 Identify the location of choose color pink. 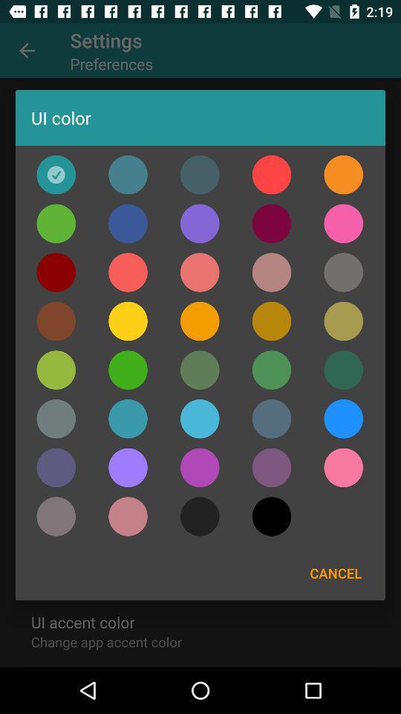
(343, 466).